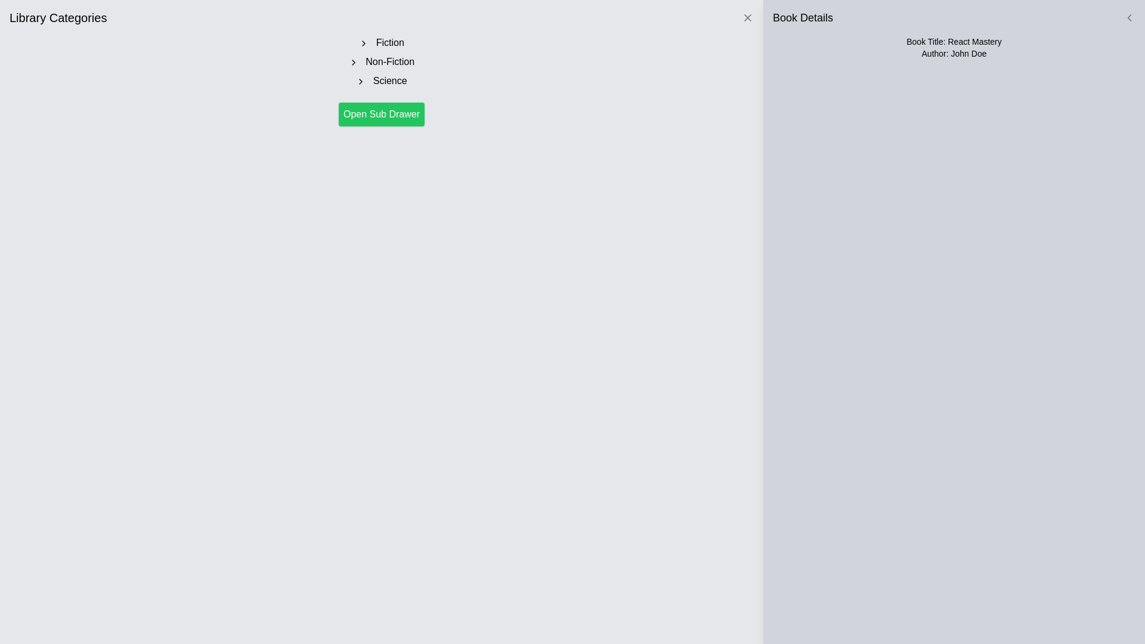 This screenshot has width=1145, height=644. Describe the element at coordinates (380, 42) in the screenshot. I see `the 'Fiction' category label` at that location.